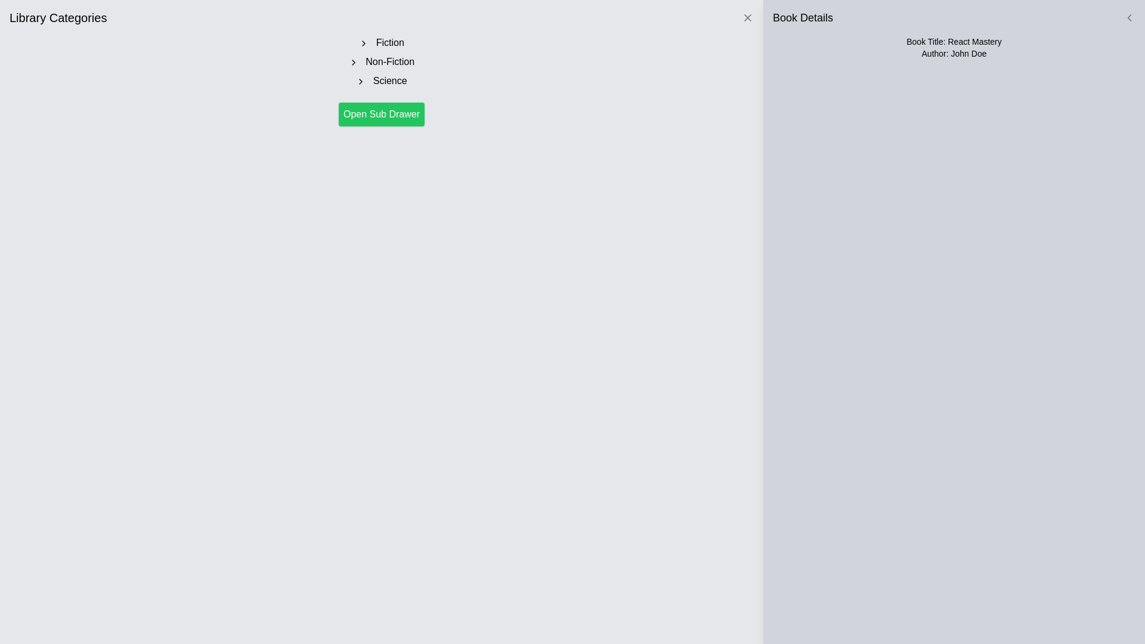 This screenshot has width=1145, height=644. Describe the element at coordinates (380, 42) in the screenshot. I see `the 'Fiction' category label` at that location.